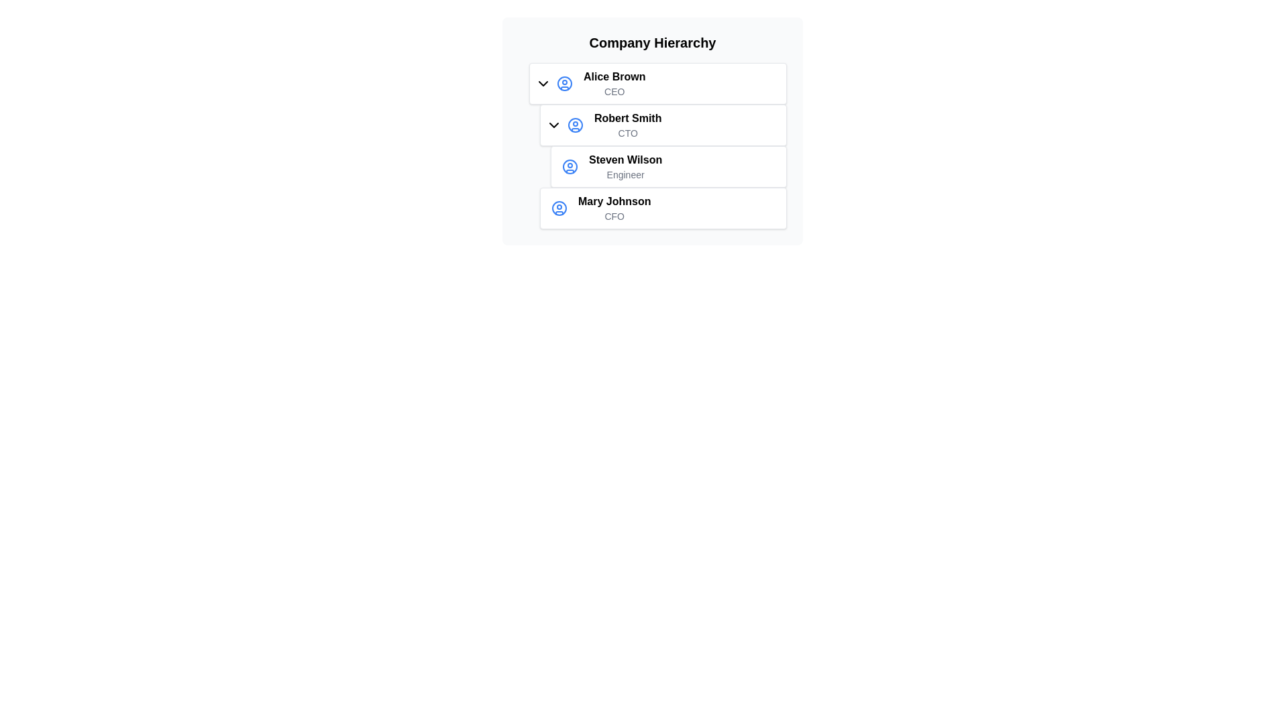 Image resolution: width=1288 pixels, height=724 pixels. What do you see at coordinates (564, 83) in the screenshot?
I see `the SVG-based user icon representing CEO Alice Brown, which is located to the left of the text displaying her name` at bounding box center [564, 83].